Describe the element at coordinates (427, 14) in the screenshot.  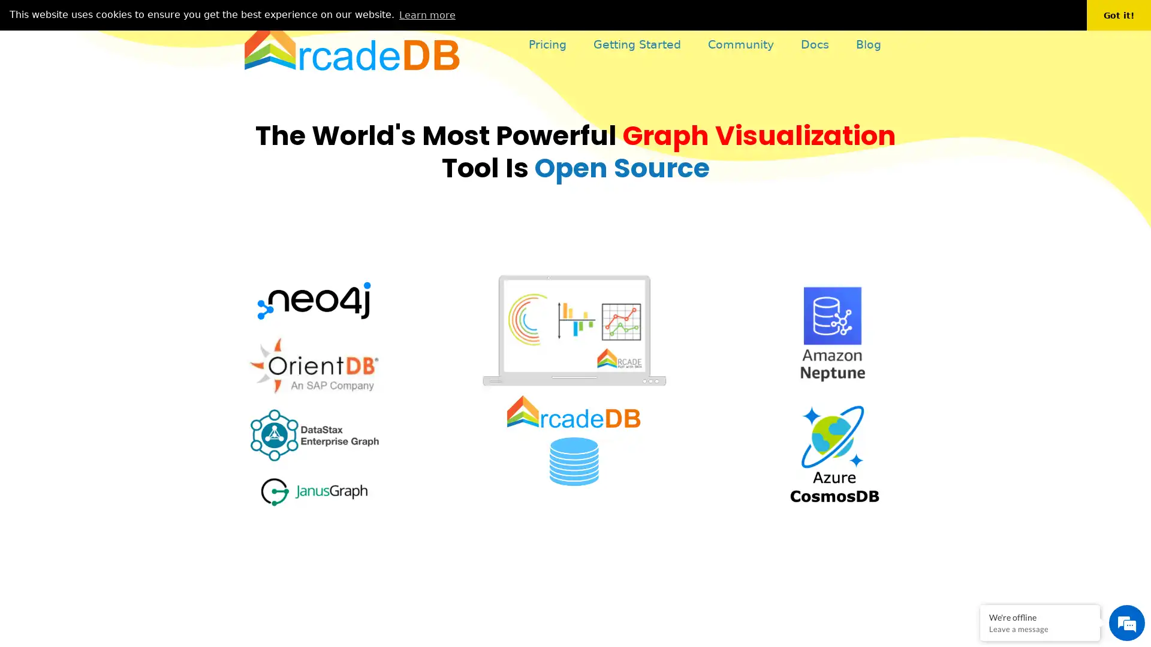
I see `learn more about cookies` at that location.